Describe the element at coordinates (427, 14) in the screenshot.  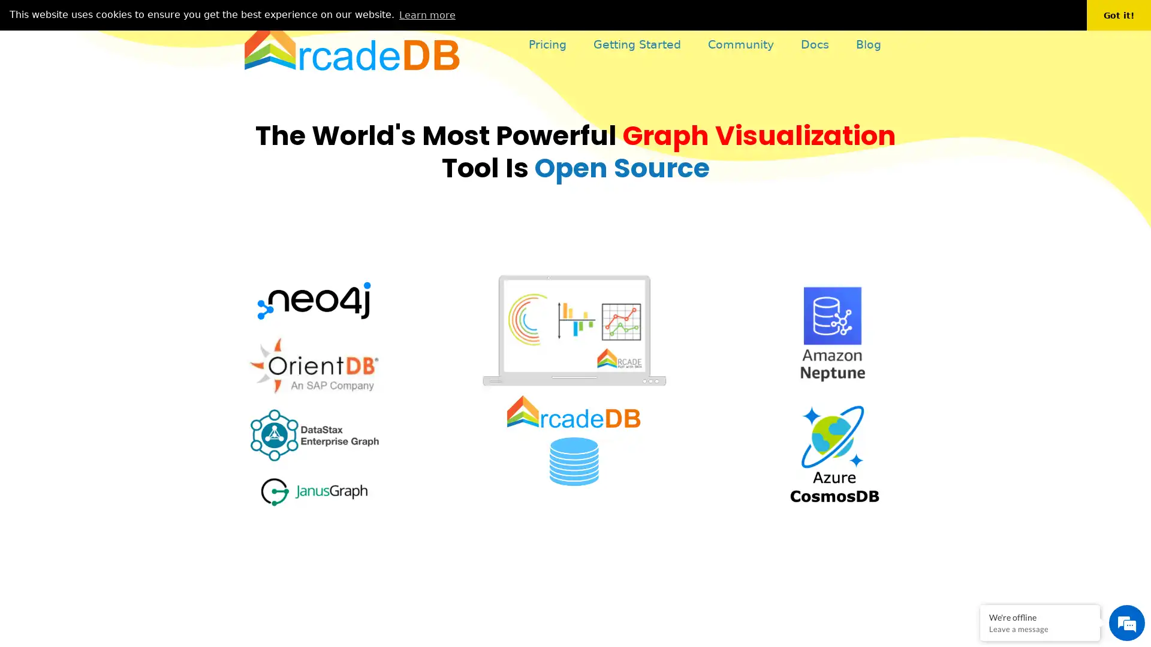
I see `learn more about cookies` at that location.